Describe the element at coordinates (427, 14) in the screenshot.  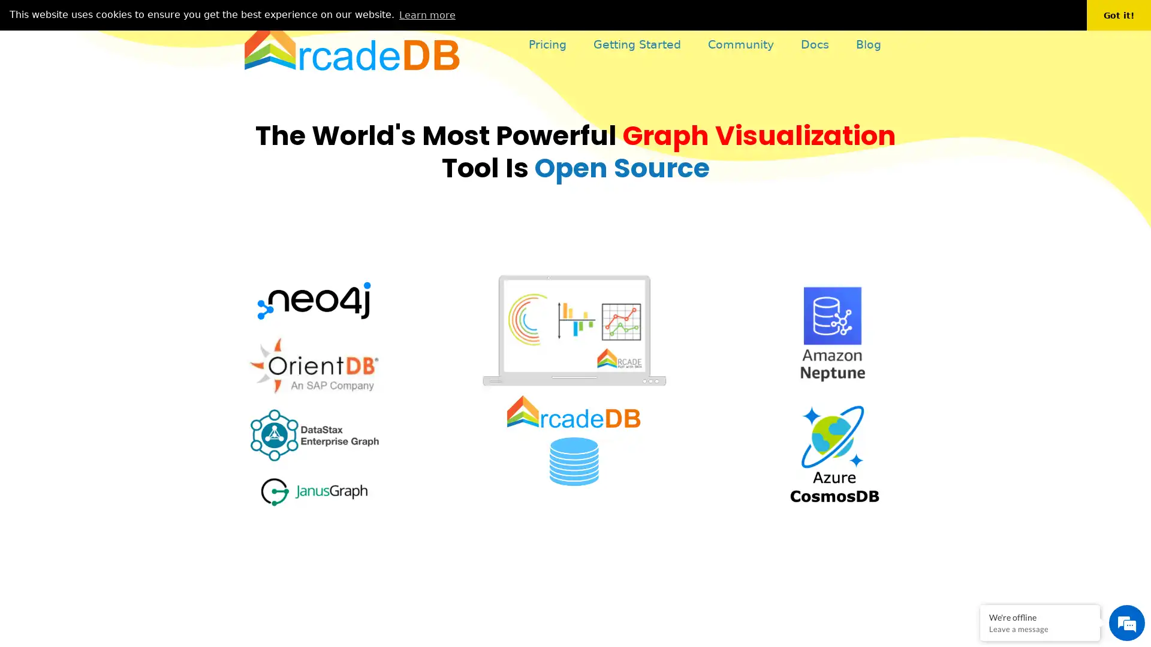
I see `learn more about cookies` at that location.